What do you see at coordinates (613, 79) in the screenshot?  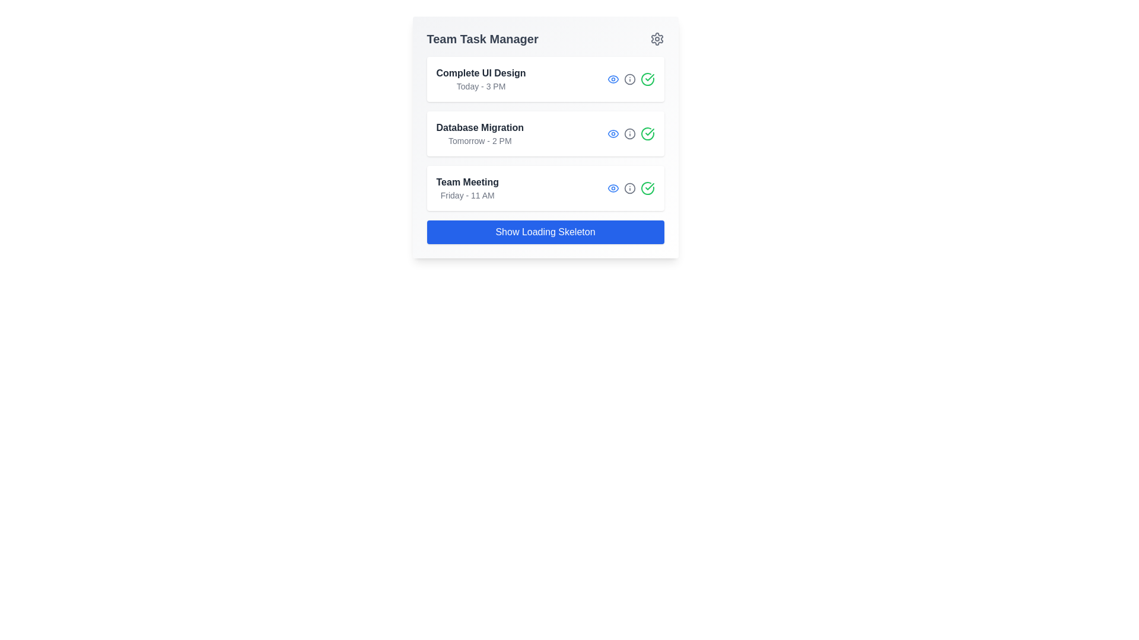 I see `the eye icon button located at the top section of the 'Complete UI Design' task card` at bounding box center [613, 79].